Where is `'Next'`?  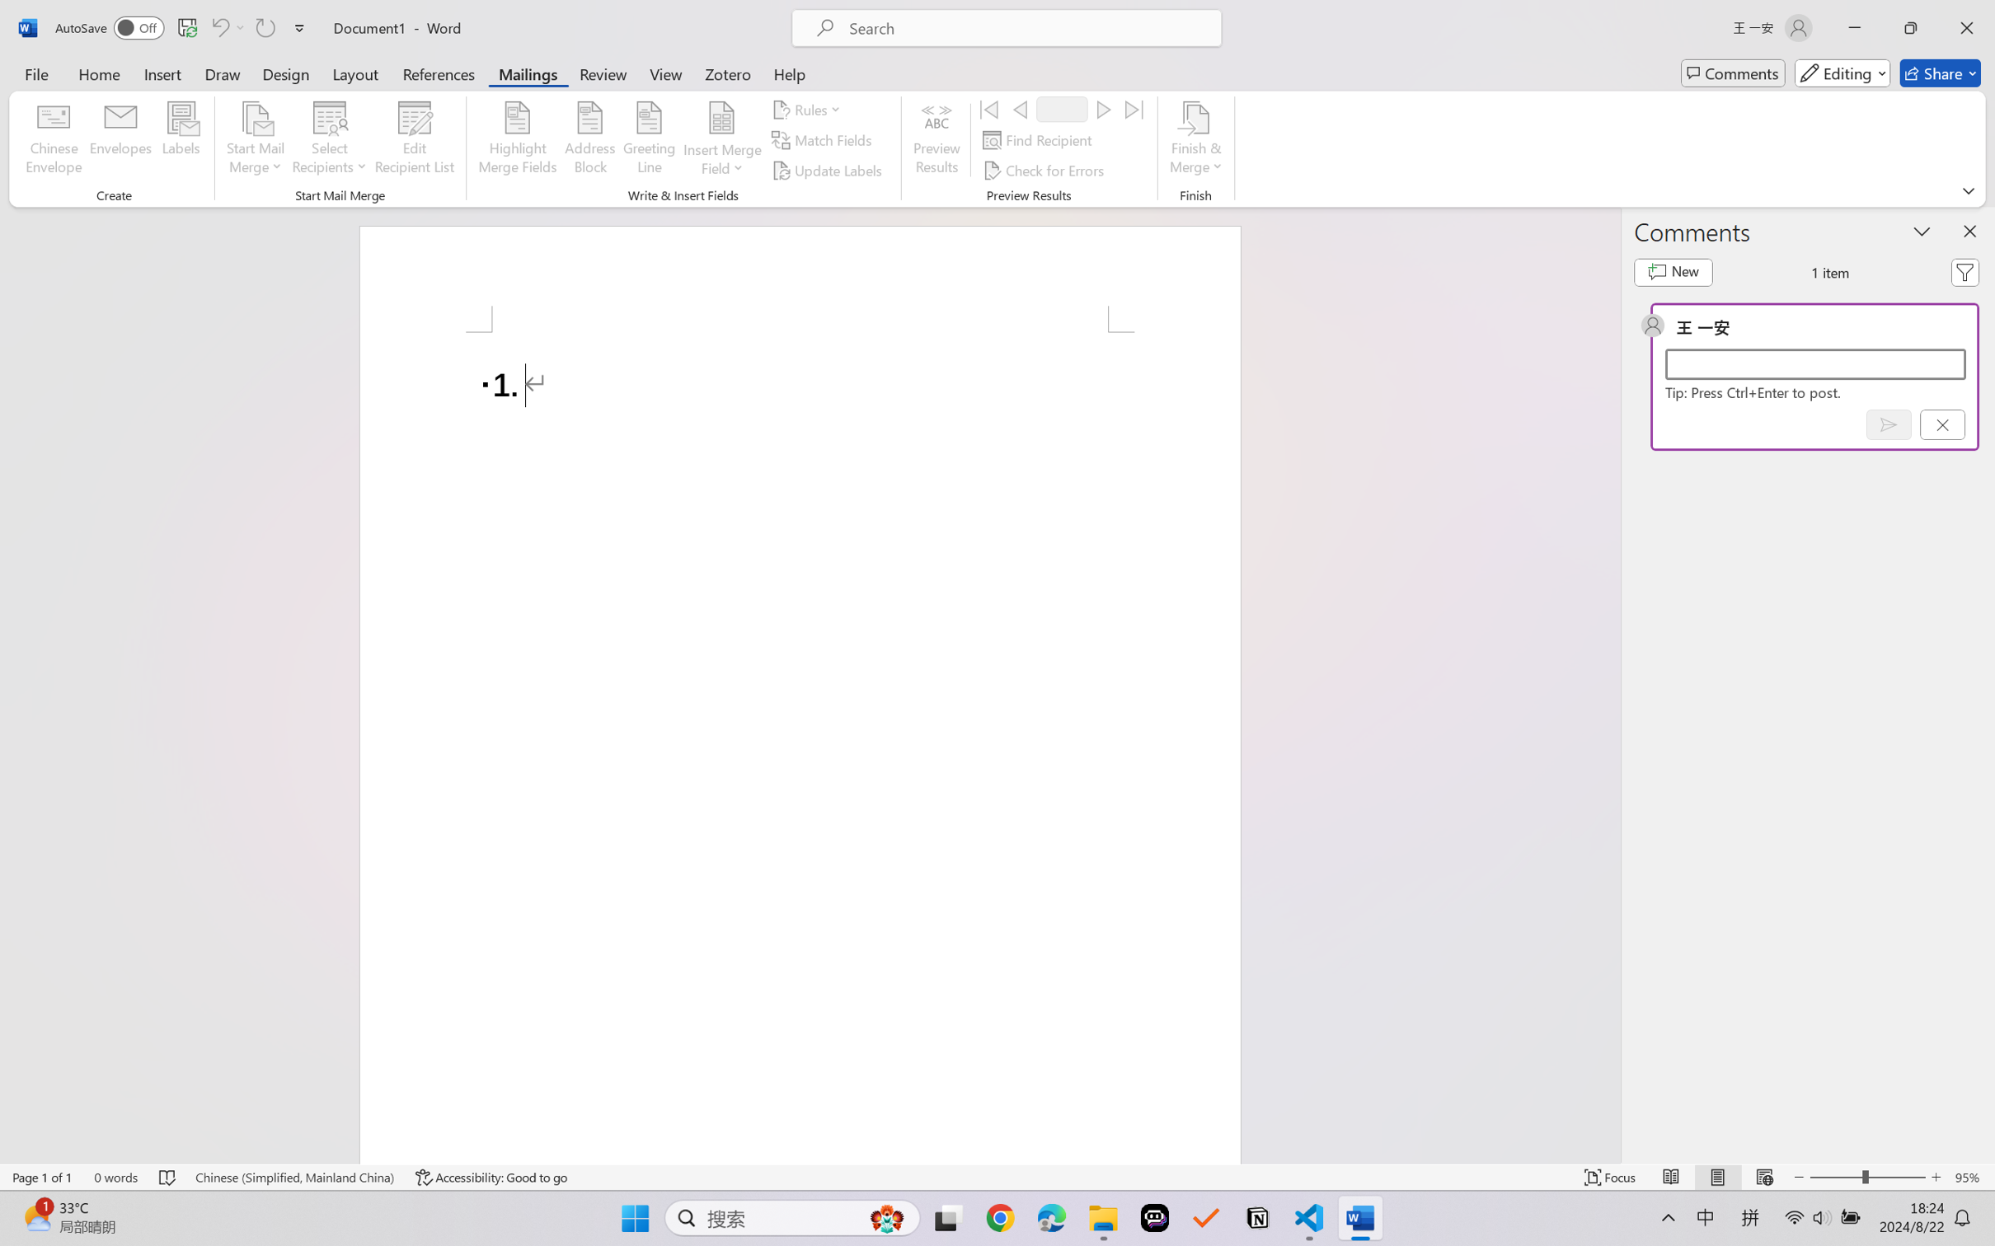 'Next' is located at coordinates (1103, 108).